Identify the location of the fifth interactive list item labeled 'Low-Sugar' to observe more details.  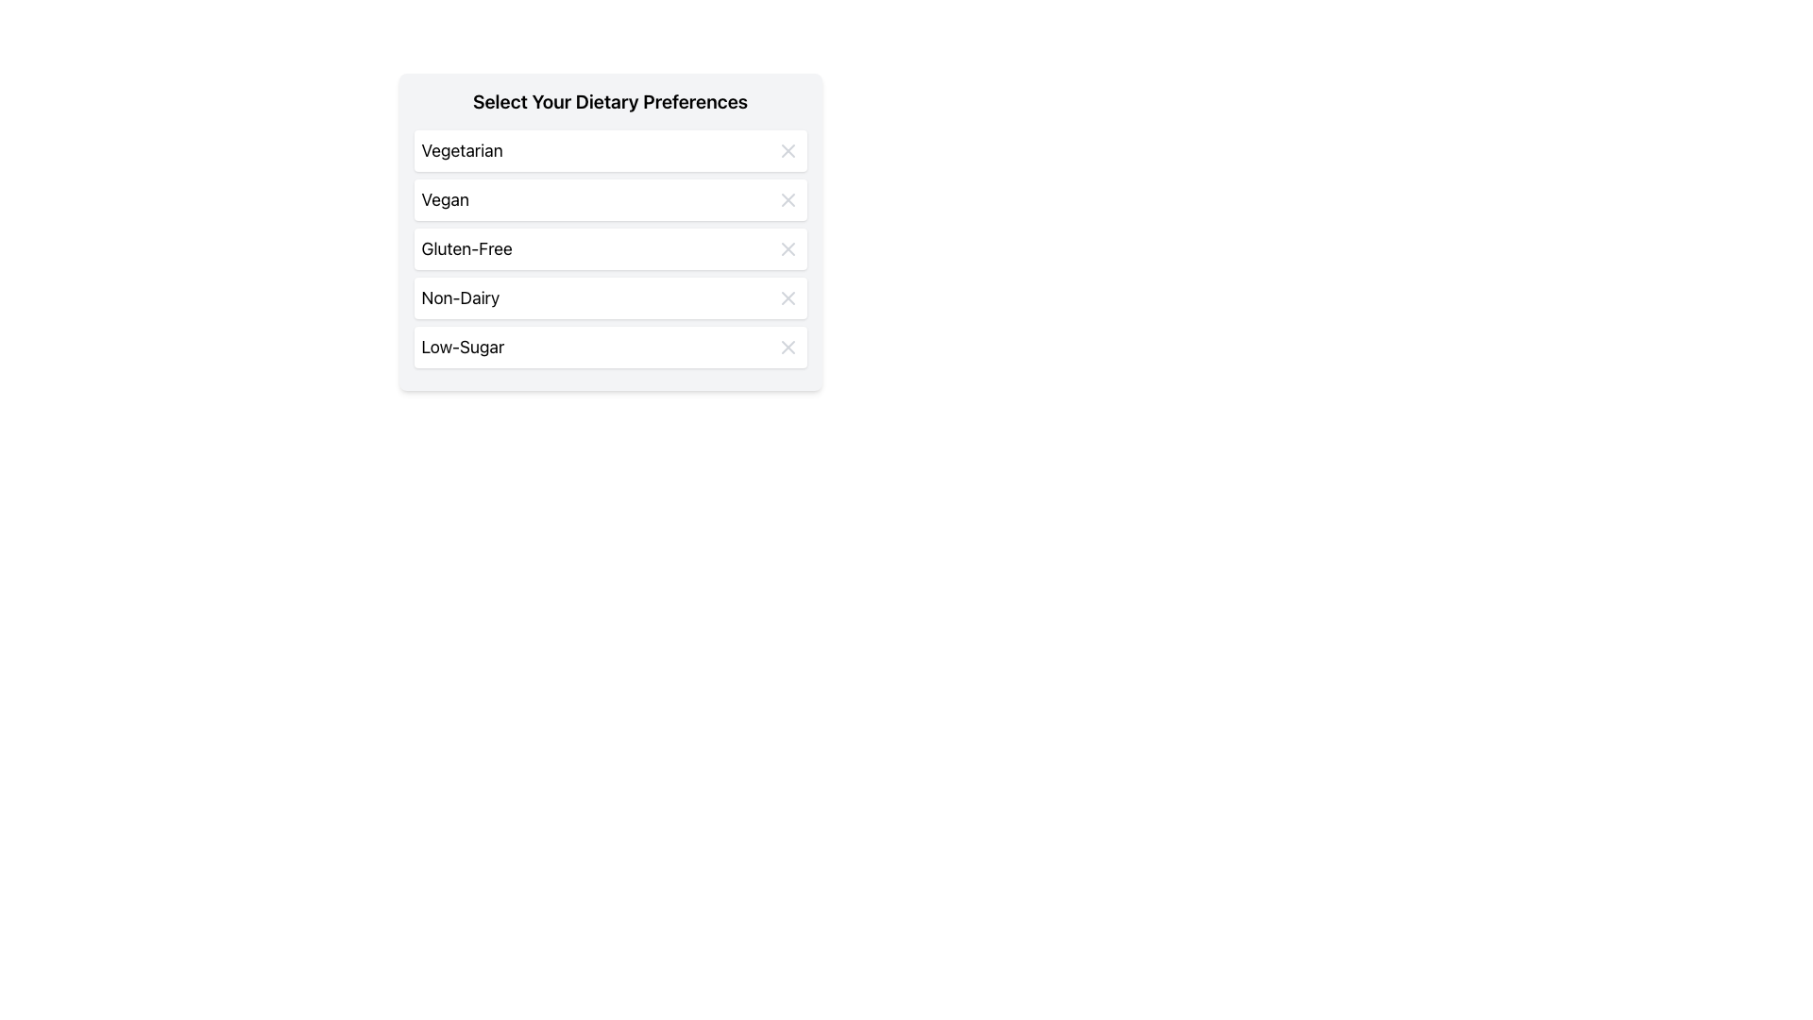
(610, 347).